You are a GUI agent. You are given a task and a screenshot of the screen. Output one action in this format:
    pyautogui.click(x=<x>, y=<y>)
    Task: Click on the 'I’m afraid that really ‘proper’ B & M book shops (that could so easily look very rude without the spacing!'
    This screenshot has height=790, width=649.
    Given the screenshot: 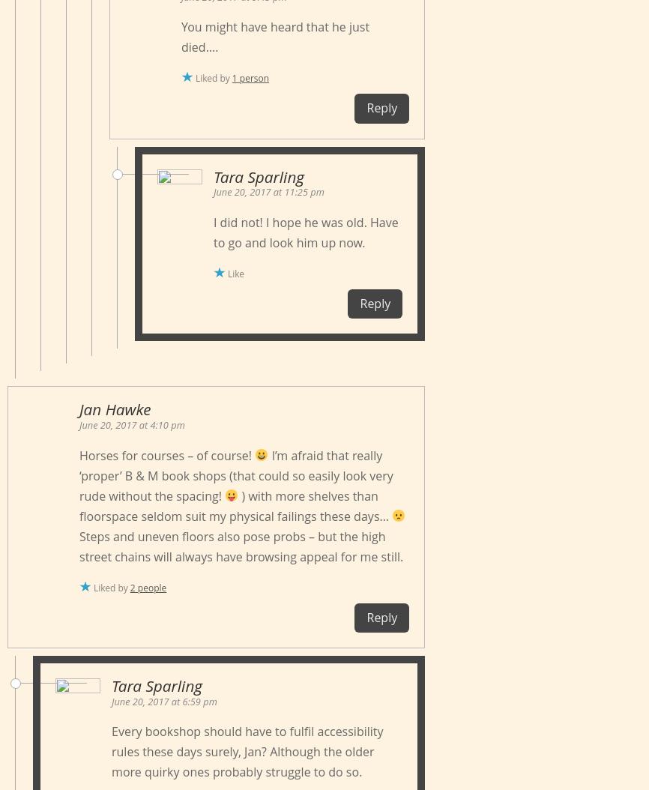 What is the action you would take?
    pyautogui.click(x=79, y=474)
    